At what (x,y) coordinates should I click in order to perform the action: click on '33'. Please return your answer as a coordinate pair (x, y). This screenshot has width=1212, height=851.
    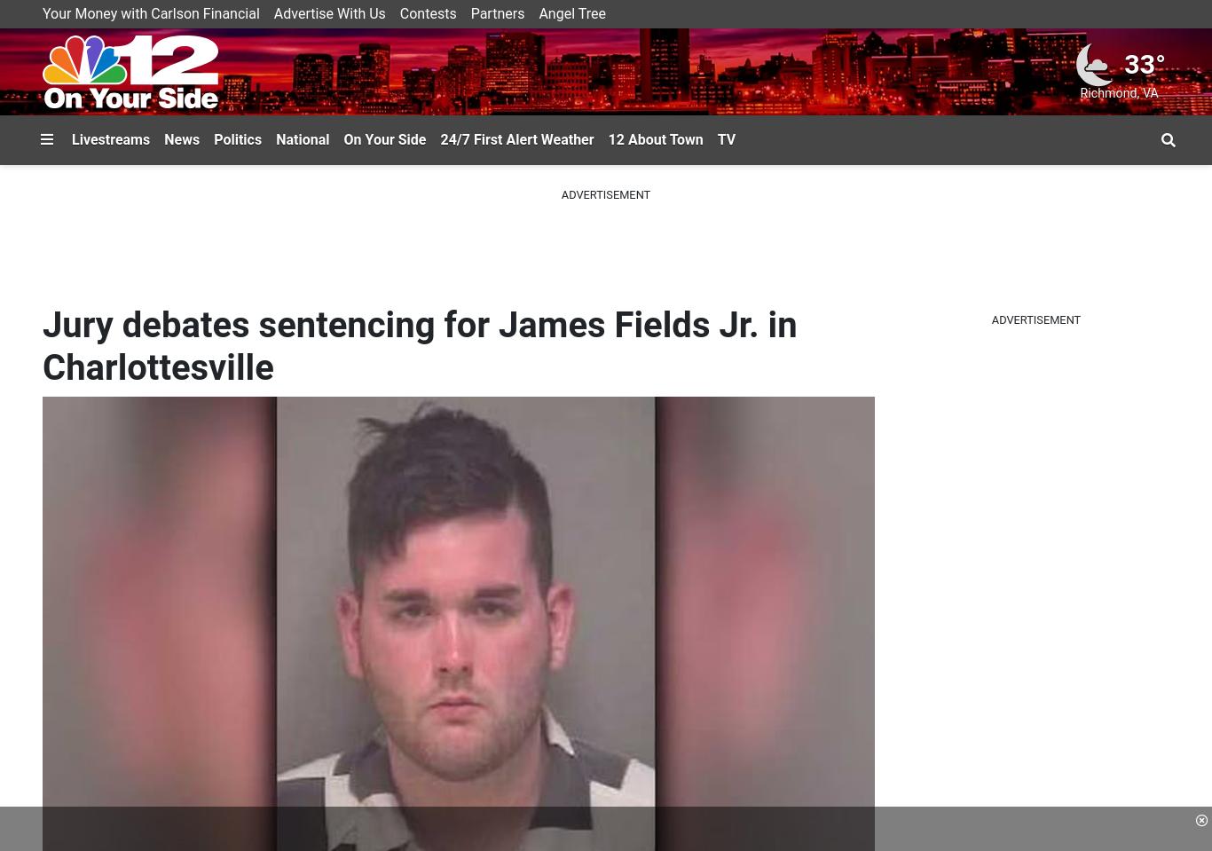
    Looking at the image, I should click on (1138, 63).